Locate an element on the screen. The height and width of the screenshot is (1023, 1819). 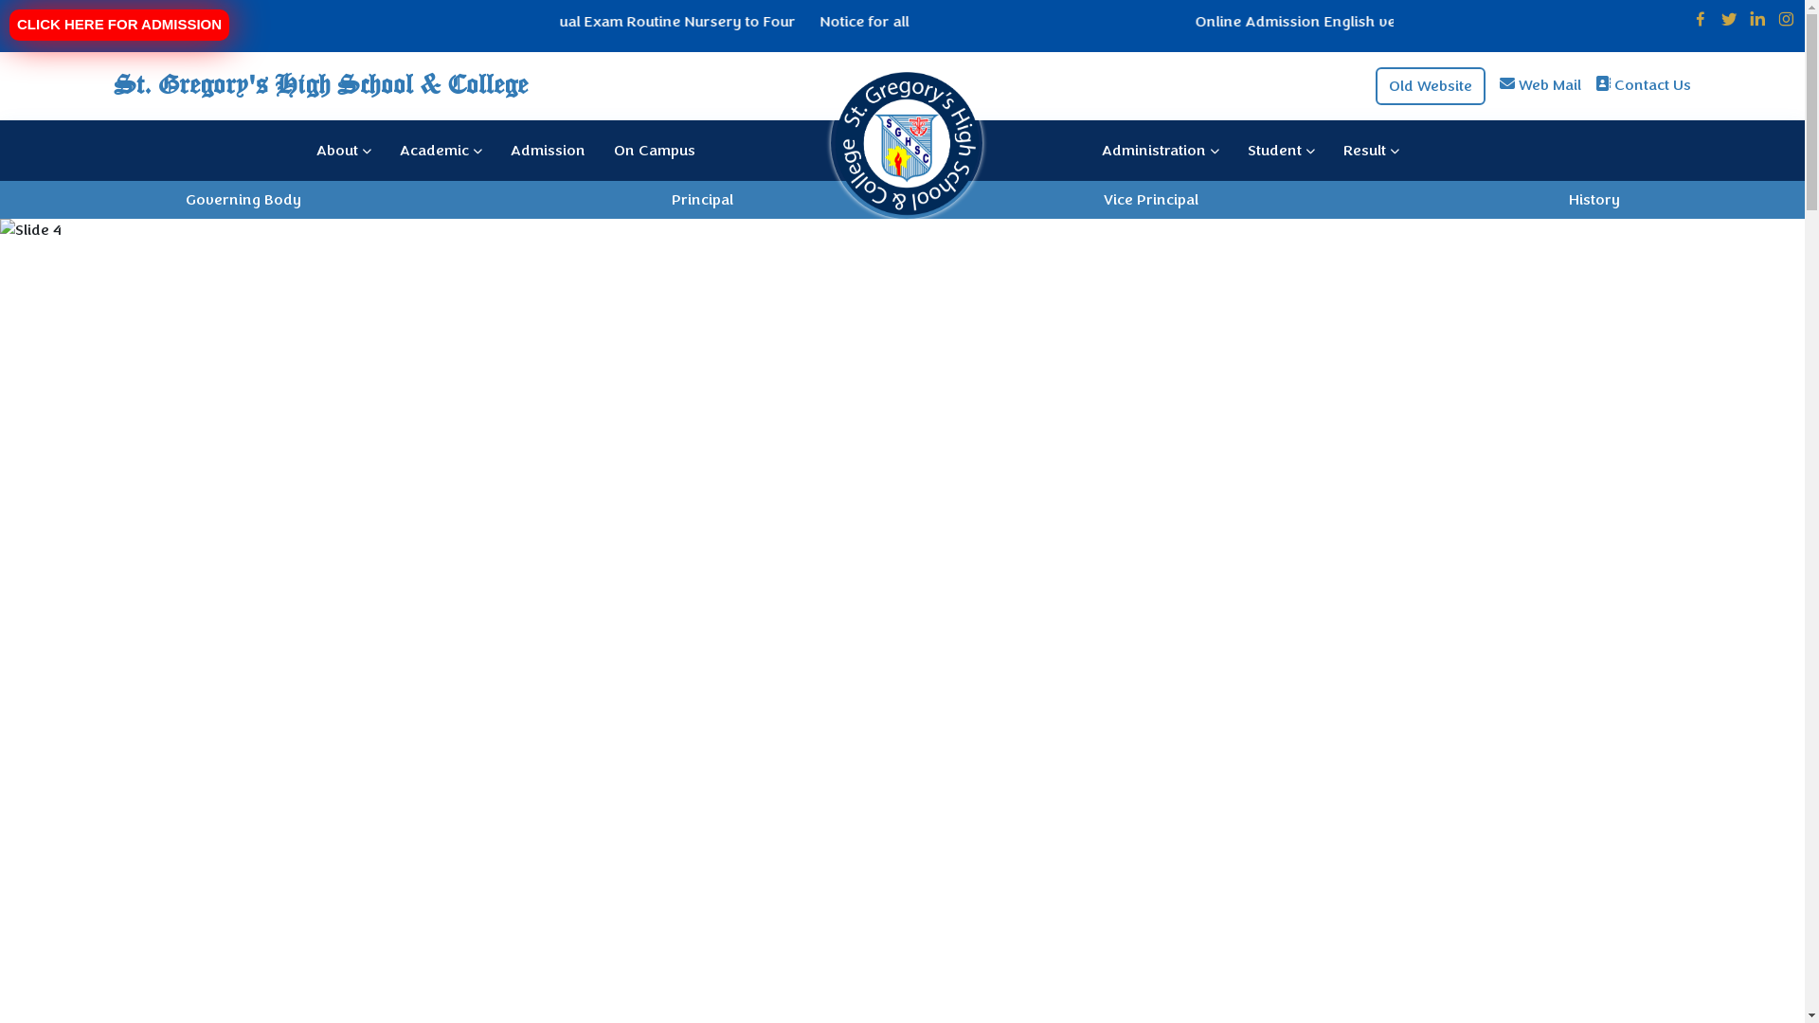
'Governing Body' is located at coordinates (243, 198).